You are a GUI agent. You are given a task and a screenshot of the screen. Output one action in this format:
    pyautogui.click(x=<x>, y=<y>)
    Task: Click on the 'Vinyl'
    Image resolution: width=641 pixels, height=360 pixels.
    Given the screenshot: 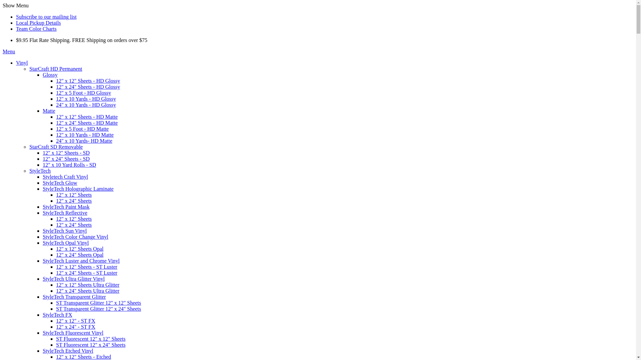 What is the action you would take?
    pyautogui.click(x=22, y=63)
    